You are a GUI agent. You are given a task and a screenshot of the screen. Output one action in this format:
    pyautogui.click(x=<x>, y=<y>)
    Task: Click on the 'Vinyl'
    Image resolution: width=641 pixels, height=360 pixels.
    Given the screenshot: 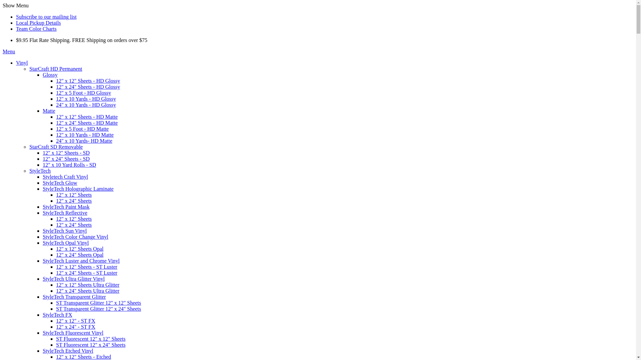 What is the action you would take?
    pyautogui.click(x=22, y=63)
    